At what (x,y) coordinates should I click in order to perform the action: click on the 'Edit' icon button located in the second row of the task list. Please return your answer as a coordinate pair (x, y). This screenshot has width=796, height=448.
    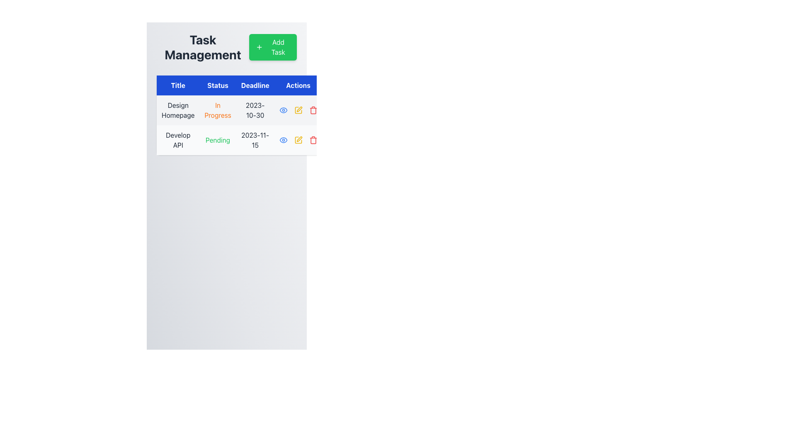
    Looking at the image, I should click on (299, 109).